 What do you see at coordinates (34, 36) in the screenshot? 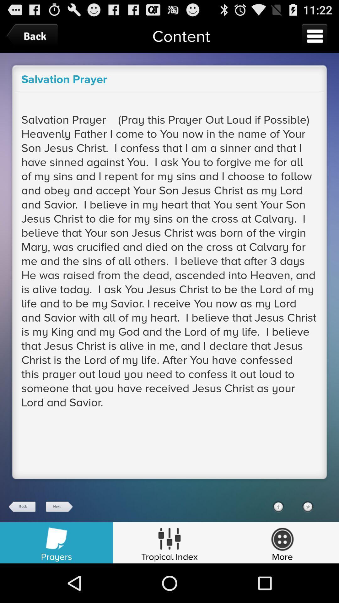
I see `item next to content icon` at bounding box center [34, 36].